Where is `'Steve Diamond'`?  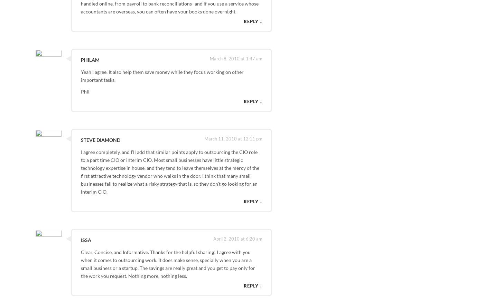
'Steve Diamond' is located at coordinates (80, 139).